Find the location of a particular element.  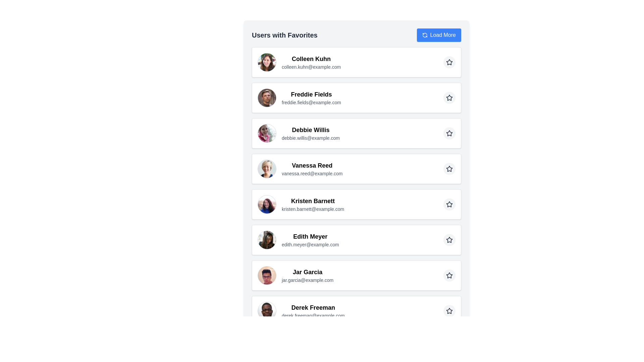

the star-shaped icon located to the right of the user 'Debbie Willis' to unmark them as a favorite is located at coordinates (449, 133).